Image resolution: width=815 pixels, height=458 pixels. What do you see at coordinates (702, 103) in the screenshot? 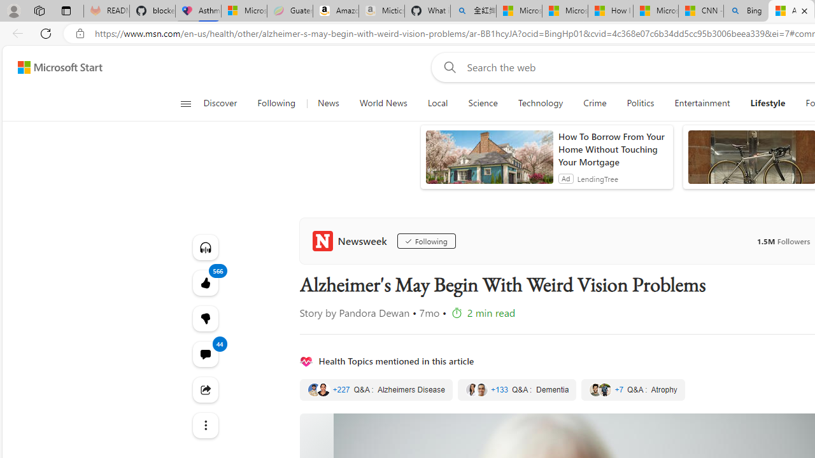
I see `'Entertainment'` at bounding box center [702, 103].